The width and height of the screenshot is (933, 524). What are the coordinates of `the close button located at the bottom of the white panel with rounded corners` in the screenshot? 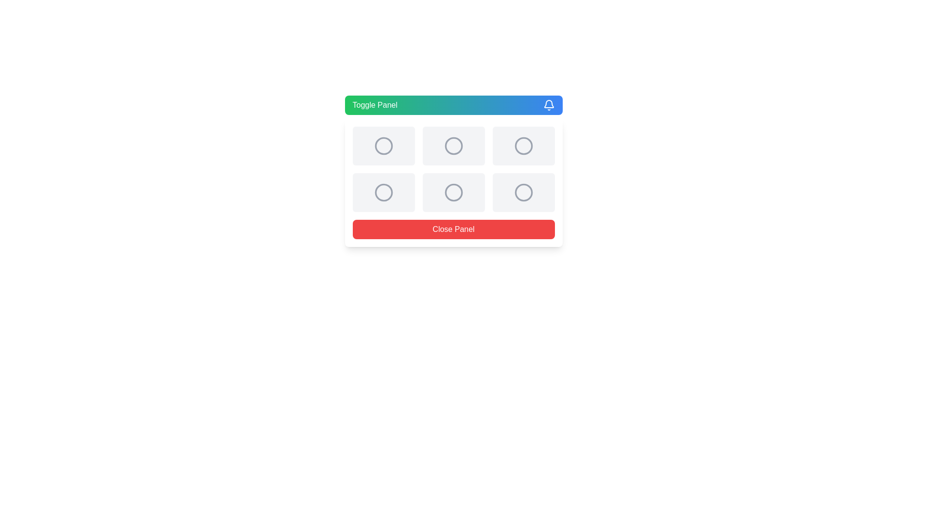 It's located at (453, 229).